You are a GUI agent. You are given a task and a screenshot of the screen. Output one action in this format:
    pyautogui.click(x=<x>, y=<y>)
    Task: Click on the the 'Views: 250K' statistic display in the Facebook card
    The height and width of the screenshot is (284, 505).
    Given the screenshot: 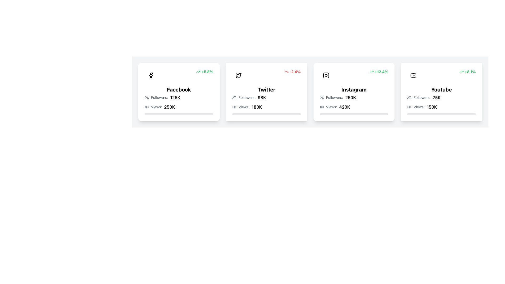 What is the action you would take?
    pyautogui.click(x=179, y=107)
    